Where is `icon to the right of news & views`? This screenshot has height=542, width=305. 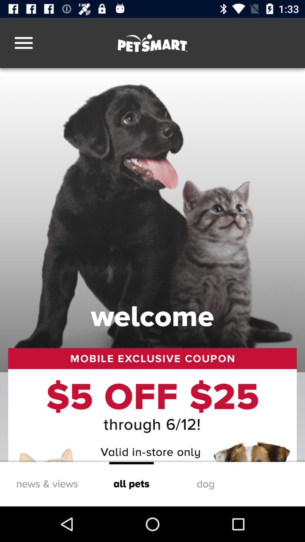 icon to the right of news & views is located at coordinates (131, 484).